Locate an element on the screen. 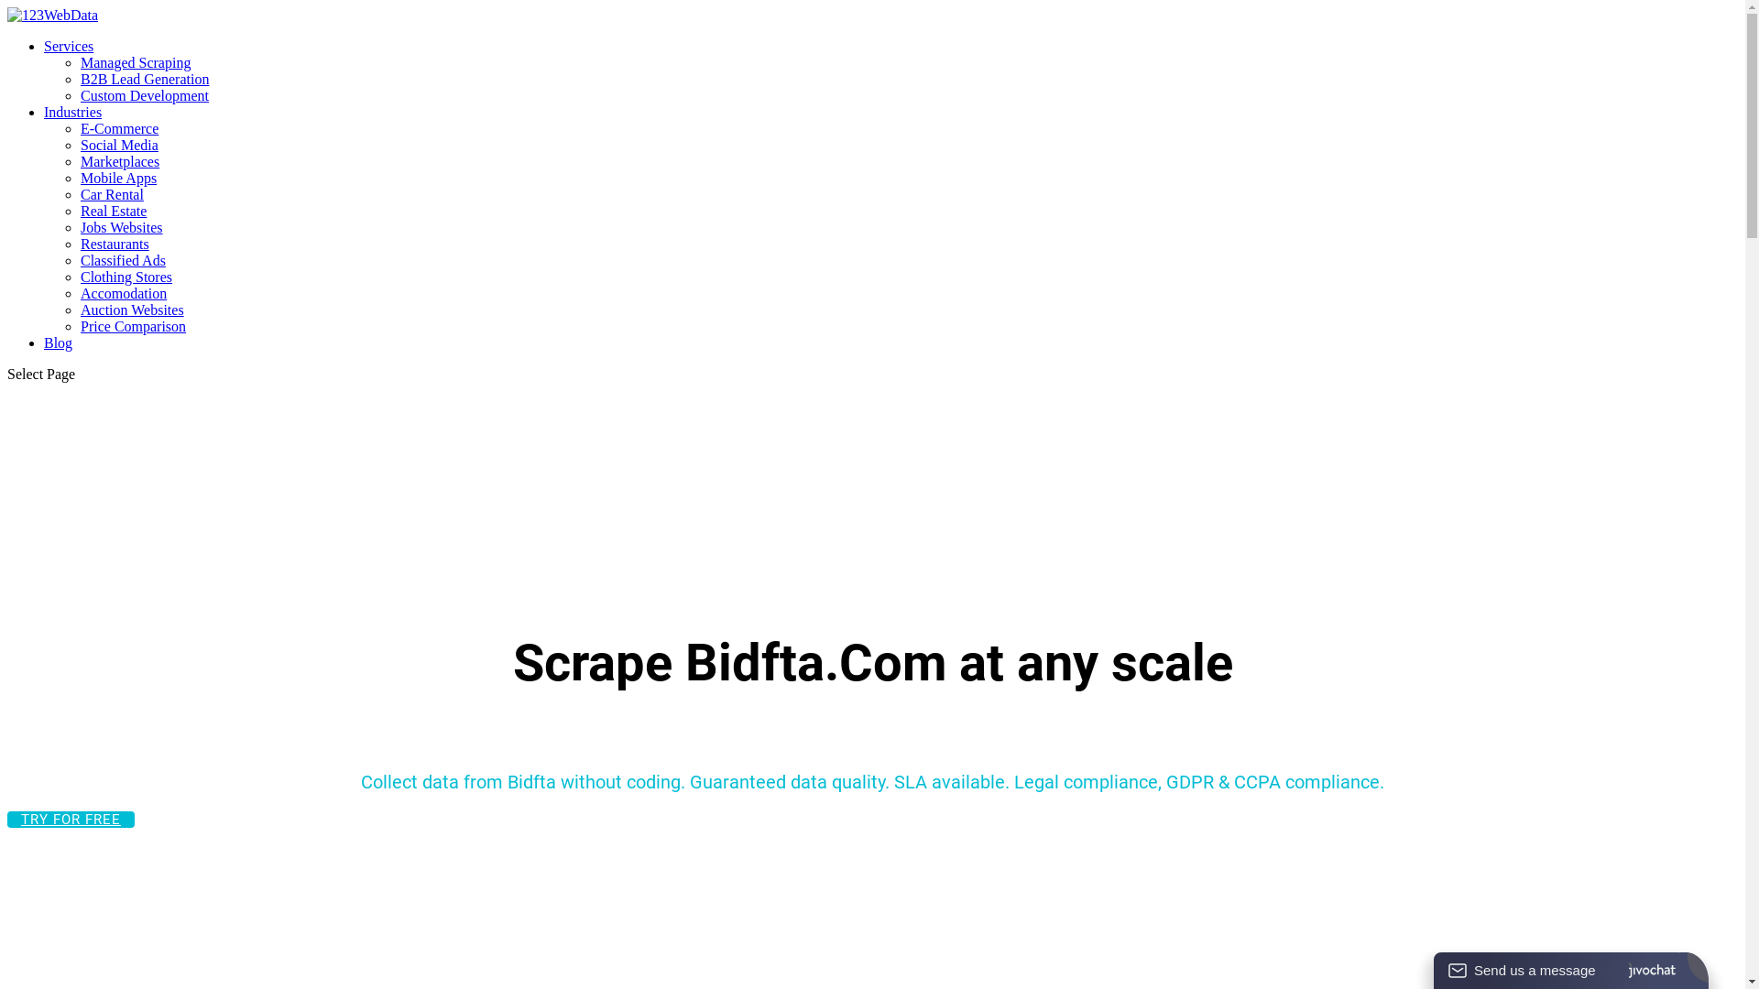 This screenshot has width=1759, height=989. 'Price Comparison' is located at coordinates (132, 325).